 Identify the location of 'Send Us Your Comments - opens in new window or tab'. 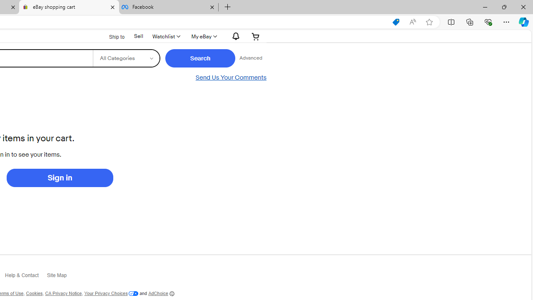
(231, 77).